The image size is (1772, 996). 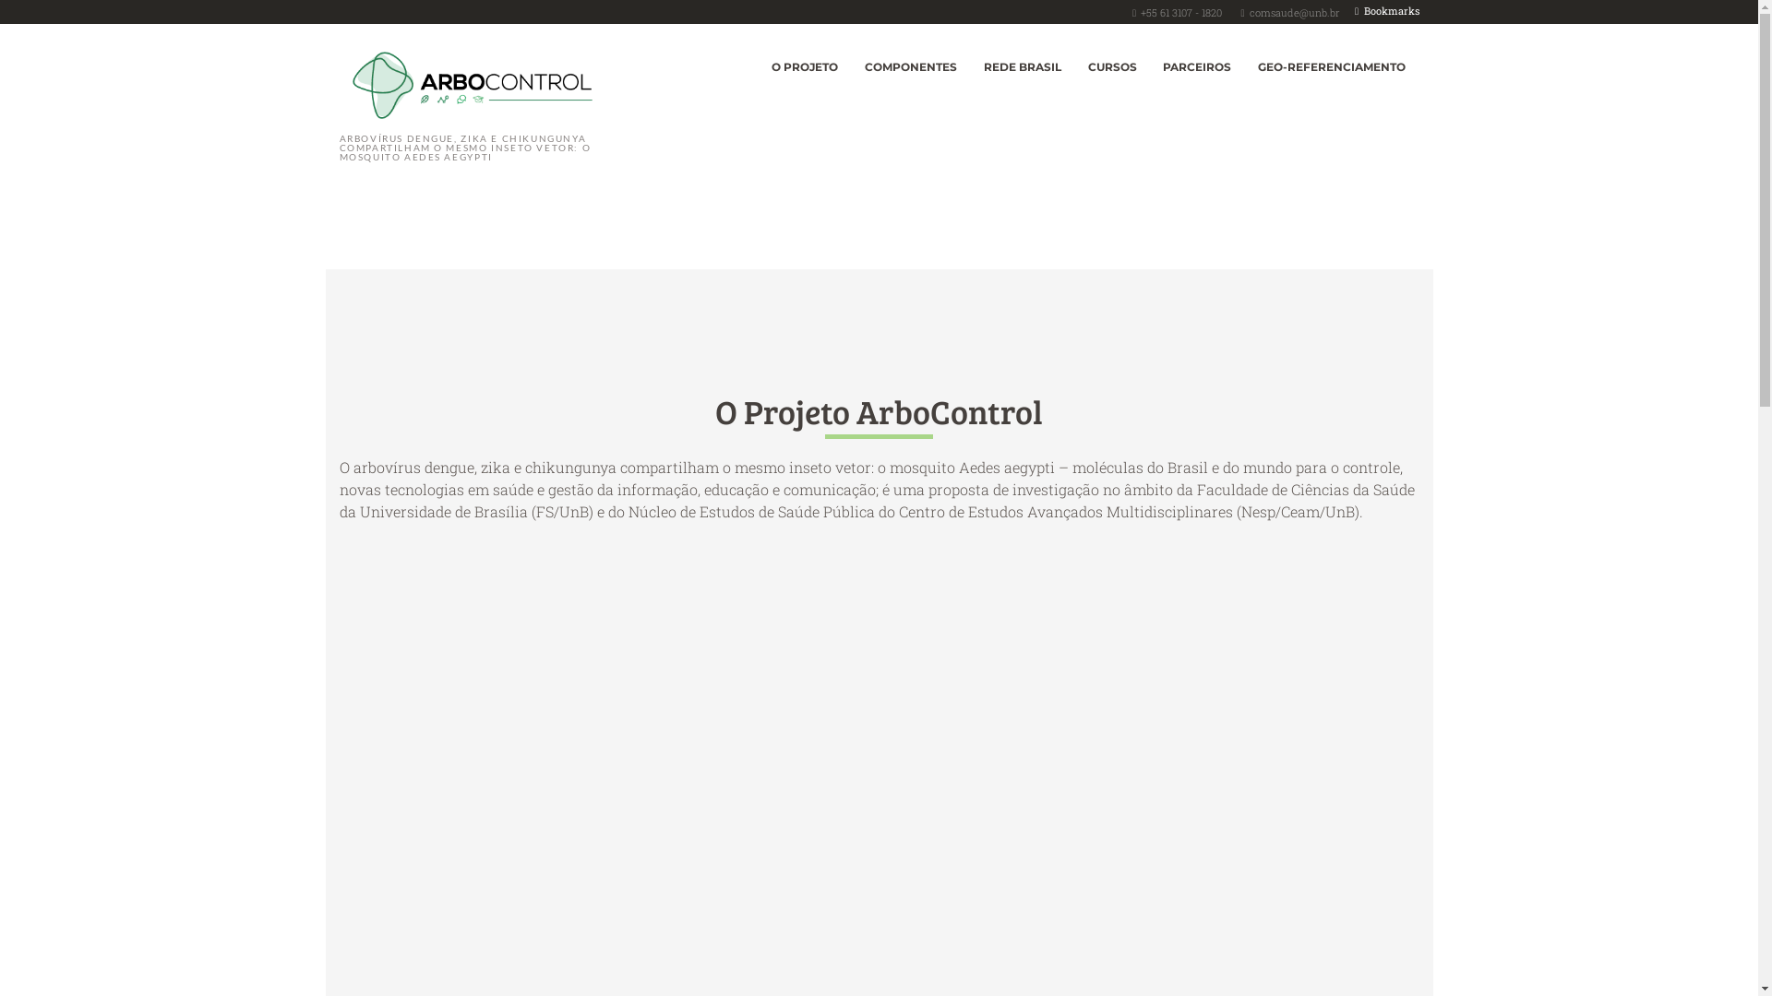 What do you see at coordinates (1110, 66) in the screenshot?
I see `'CURSOS'` at bounding box center [1110, 66].